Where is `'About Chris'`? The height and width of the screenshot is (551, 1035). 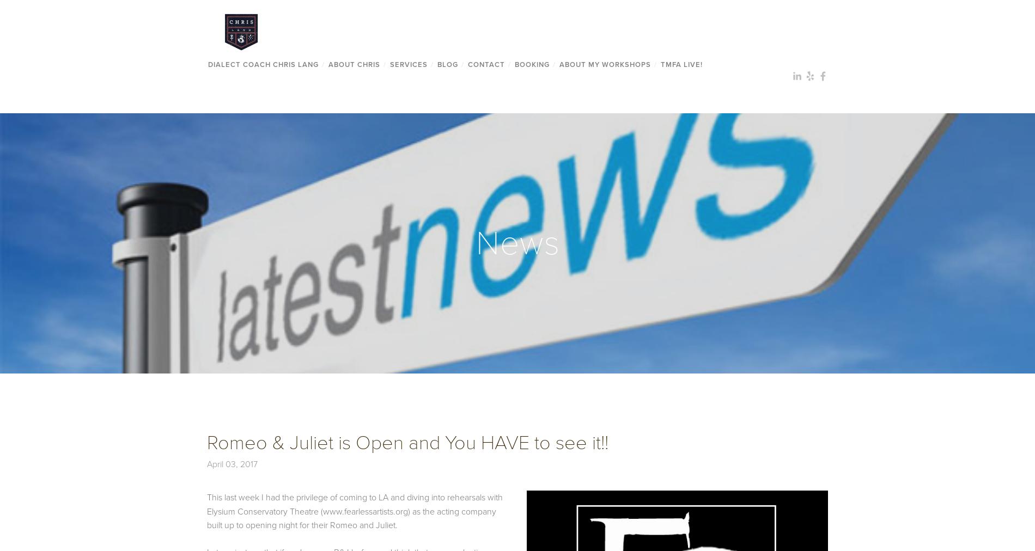 'About Chris' is located at coordinates (354, 63).